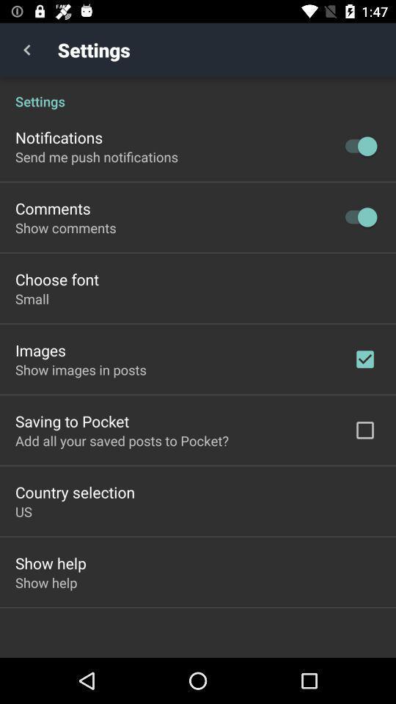  Describe the element at coordinates (56, 279) in the screenshot. I see `the choose font item` at that location.